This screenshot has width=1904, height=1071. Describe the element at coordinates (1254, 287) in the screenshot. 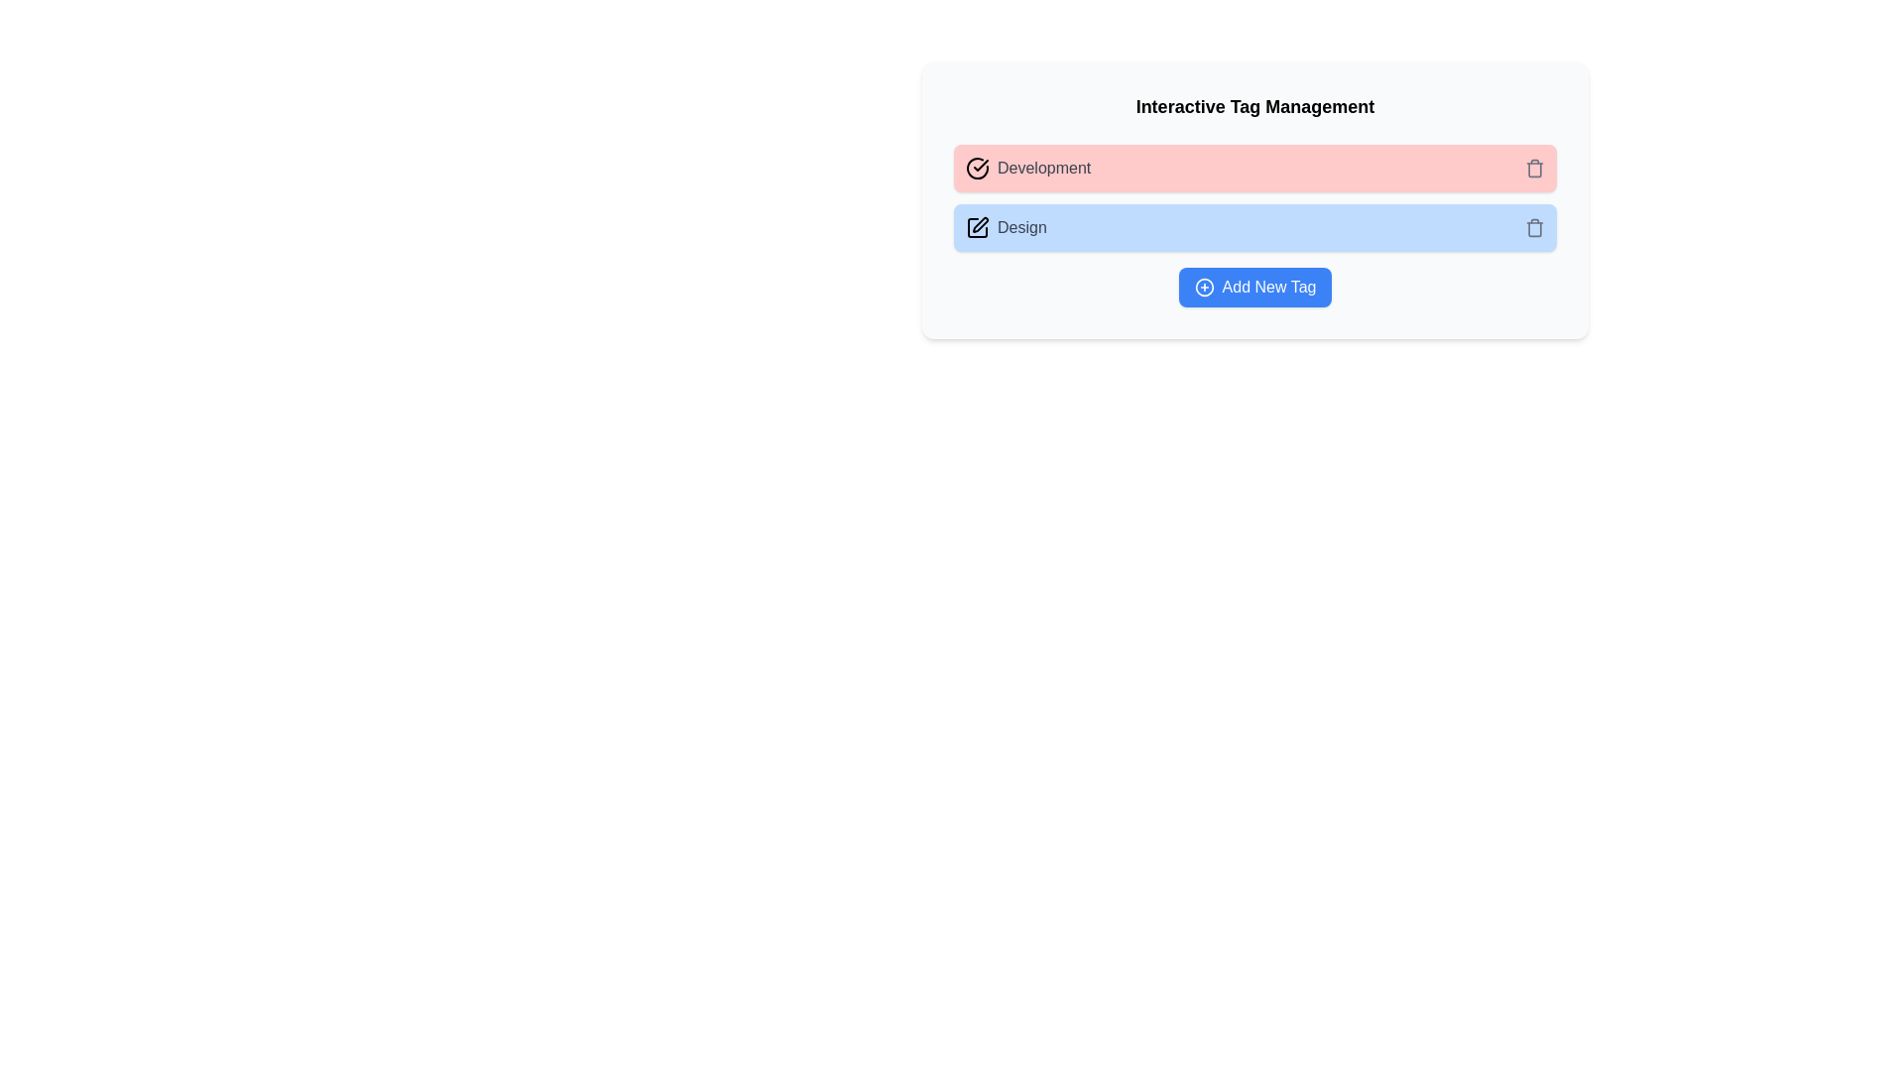

I see `the 'Add Tag' button, which is centrally aligned below the 'Development' and 'Design' list items, to trigger tooltip or styling effects` at that location.